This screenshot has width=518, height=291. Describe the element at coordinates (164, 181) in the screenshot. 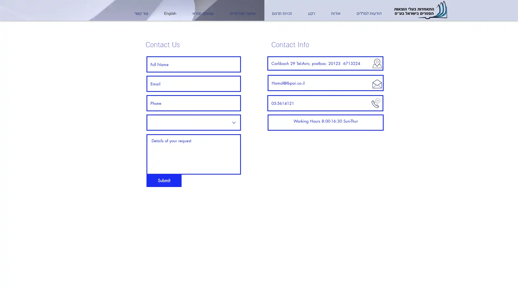

I see `Submit` at that location.